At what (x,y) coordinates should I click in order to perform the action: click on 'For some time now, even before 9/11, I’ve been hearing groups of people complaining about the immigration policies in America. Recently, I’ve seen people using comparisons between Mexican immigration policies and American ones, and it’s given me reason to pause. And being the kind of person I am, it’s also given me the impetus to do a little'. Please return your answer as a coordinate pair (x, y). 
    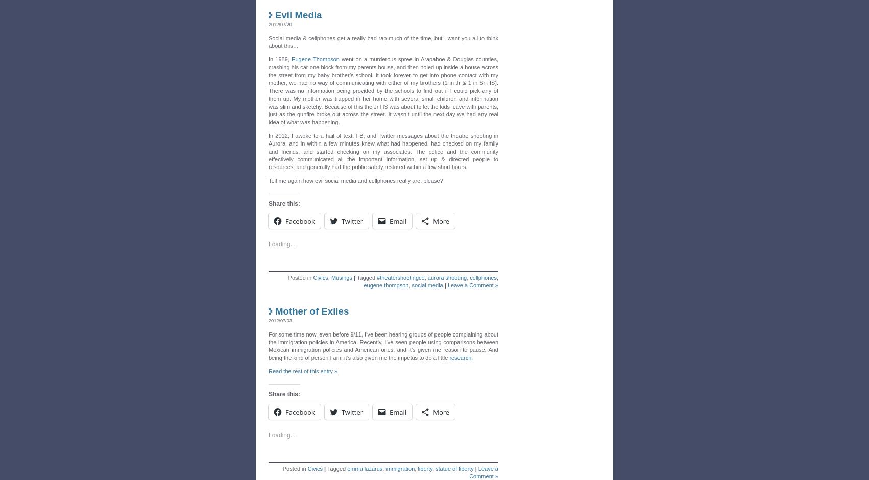
    Looking at the image, I should click on (382, 343).